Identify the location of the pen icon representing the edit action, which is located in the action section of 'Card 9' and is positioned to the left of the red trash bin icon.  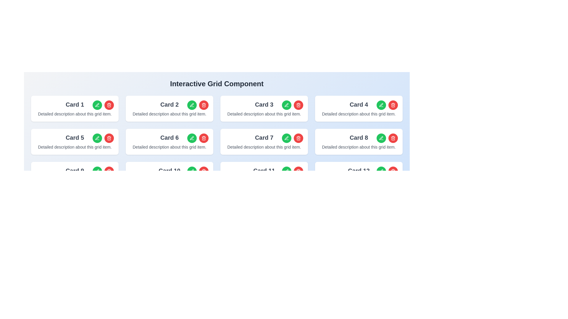
(97, 171).